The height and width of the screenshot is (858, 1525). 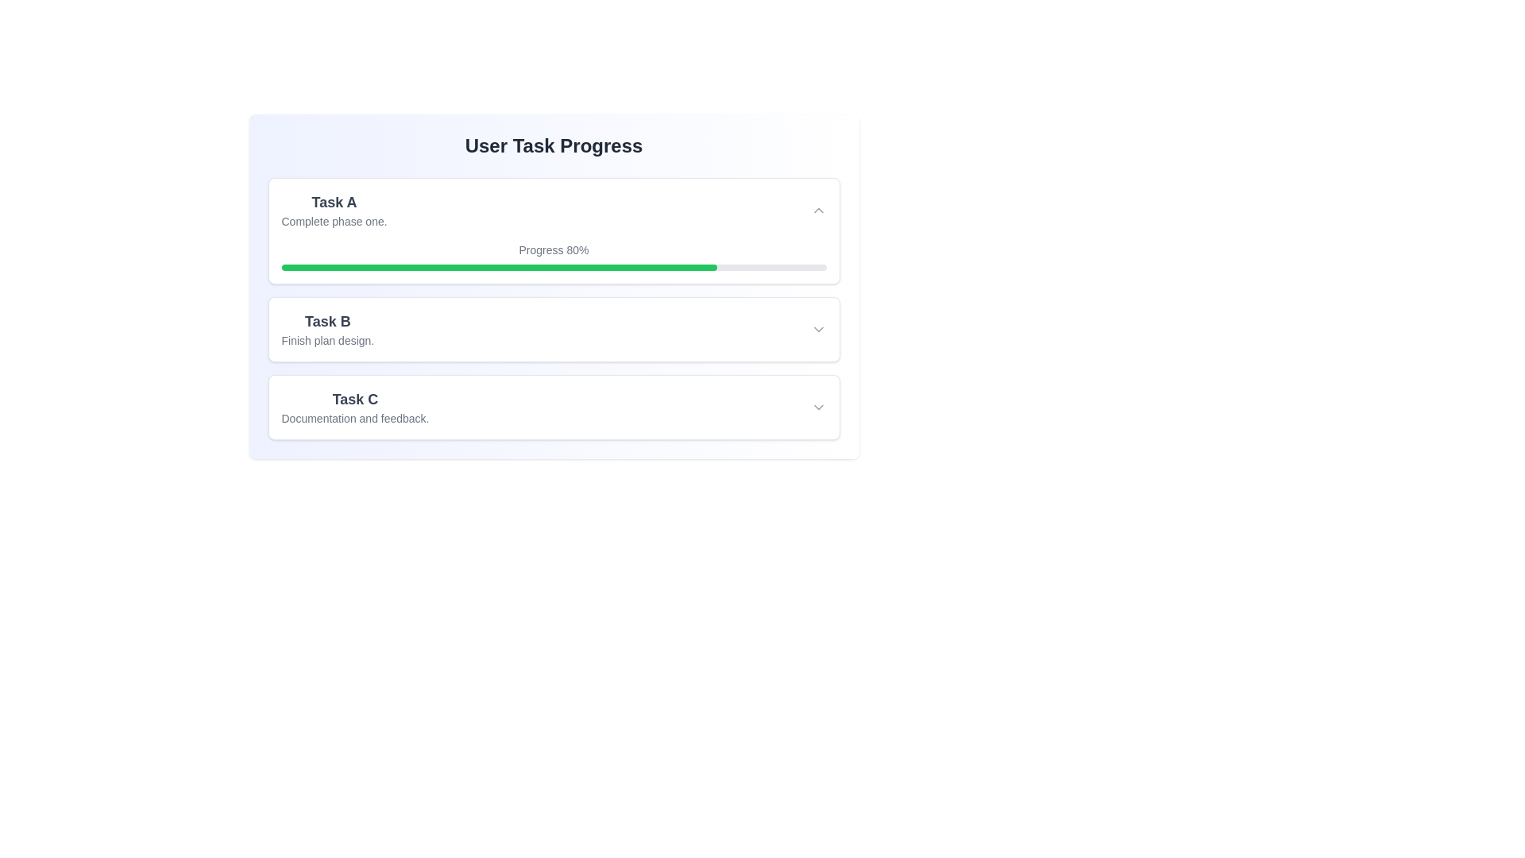 I want to click on the Progress bar displaying 'Progress 80%' that indicates 80% completion, which is located in the 'Task A' section below 'Complete phase one.', so click(x=554, y=256).